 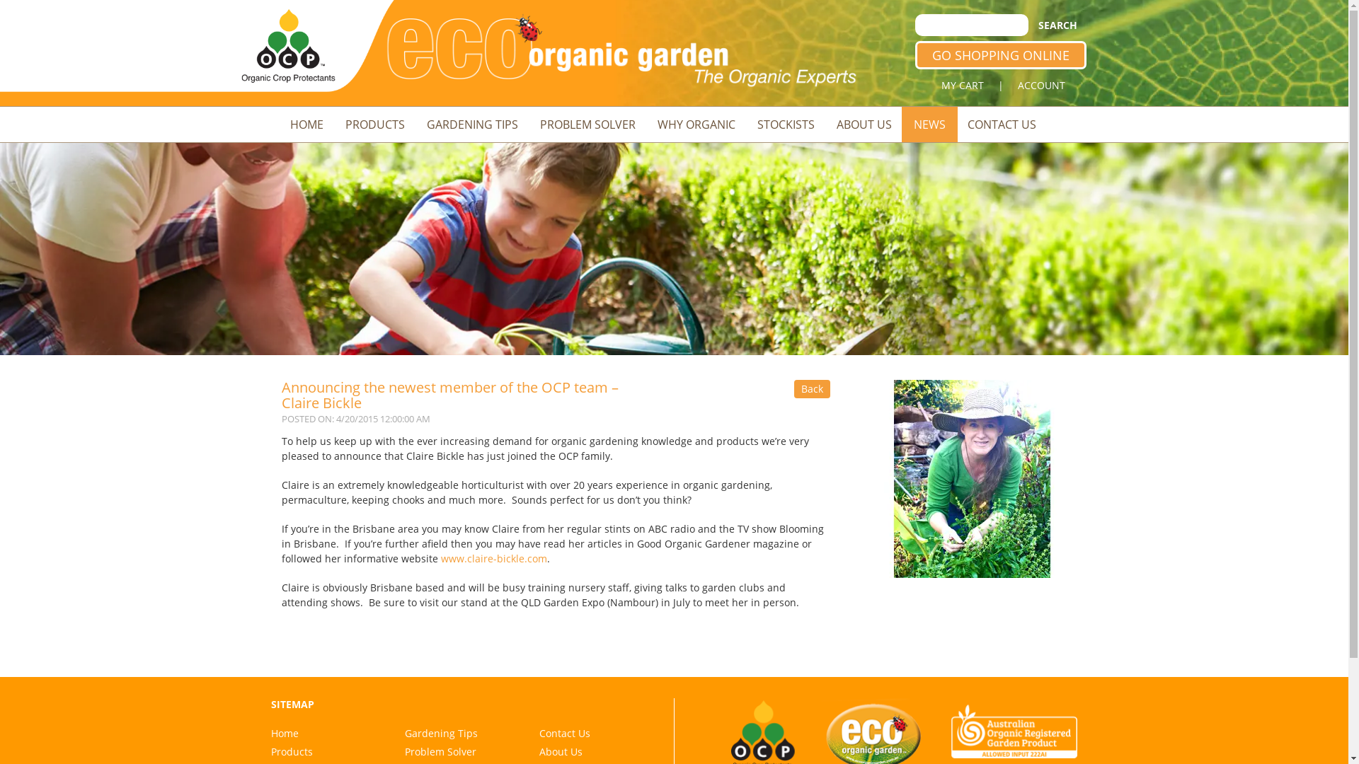 I want to click on 'MY CART', so click(x=962, y=85).